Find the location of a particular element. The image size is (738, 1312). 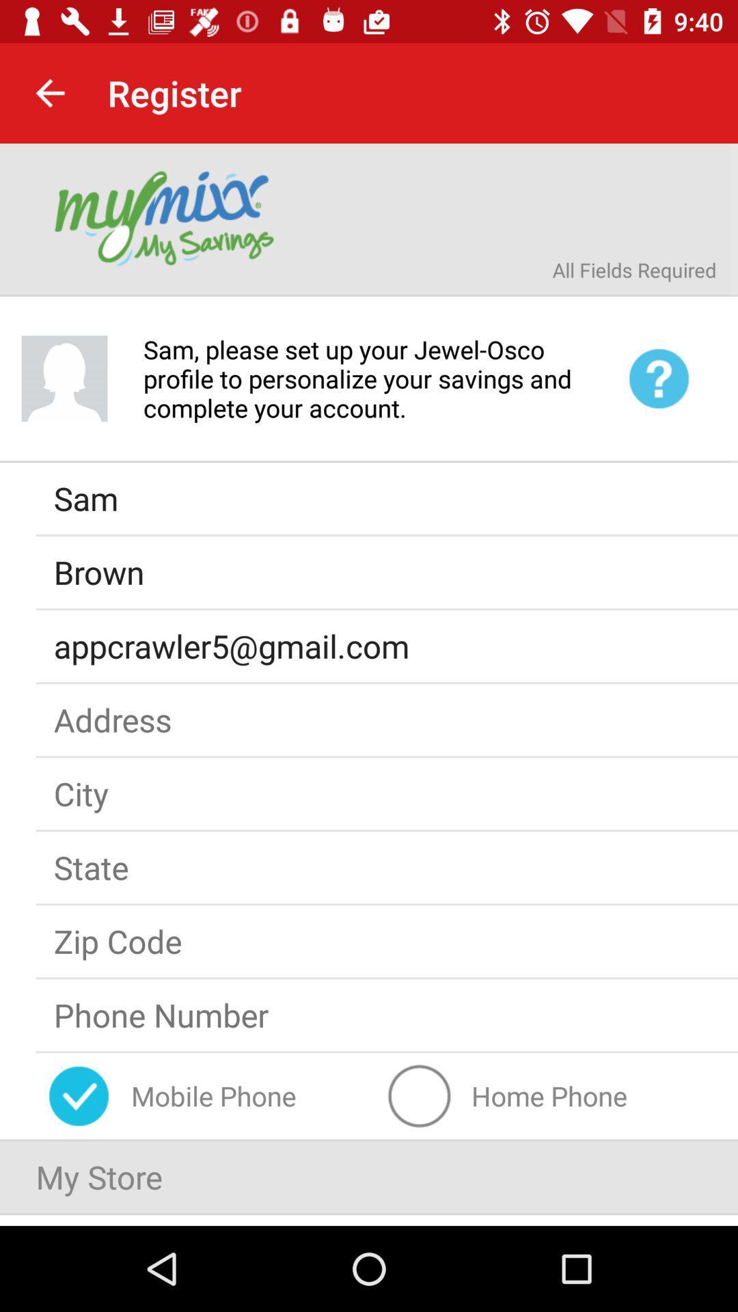

the help icon is located at coordinates (658, 379).